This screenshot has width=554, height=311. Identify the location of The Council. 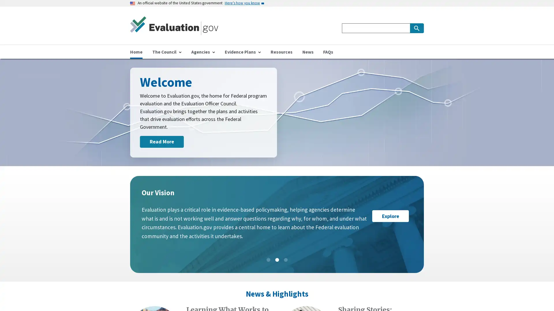
(166, 52).